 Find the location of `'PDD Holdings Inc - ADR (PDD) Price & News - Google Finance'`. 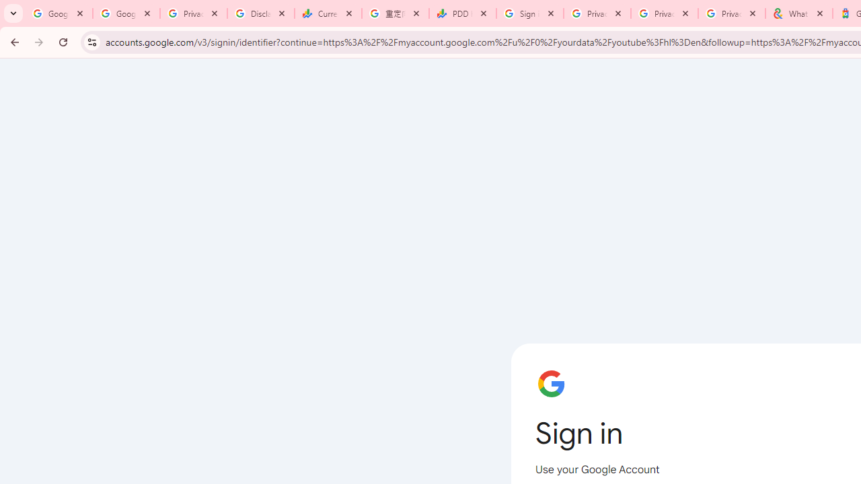

'PDD Holdings Inc - ADR (PDD) Price & News - Google Finance' is located at coordinates (463, 13).